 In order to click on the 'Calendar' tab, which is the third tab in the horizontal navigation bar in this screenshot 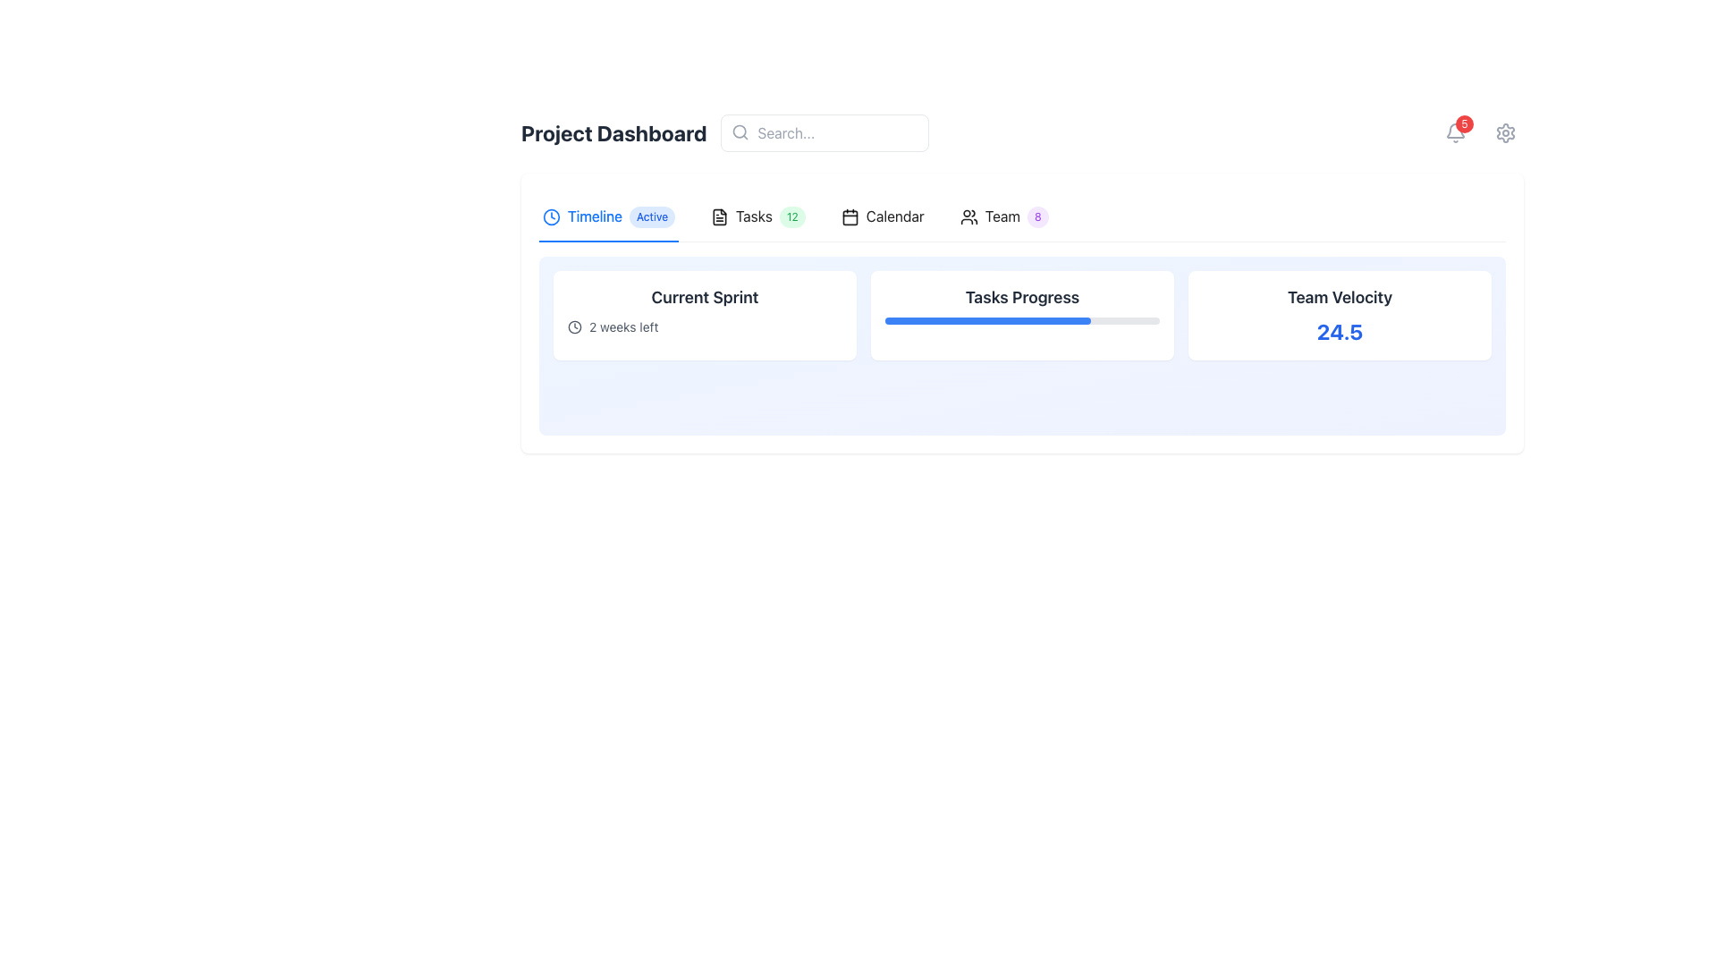, I will do `click(883, 216)`.